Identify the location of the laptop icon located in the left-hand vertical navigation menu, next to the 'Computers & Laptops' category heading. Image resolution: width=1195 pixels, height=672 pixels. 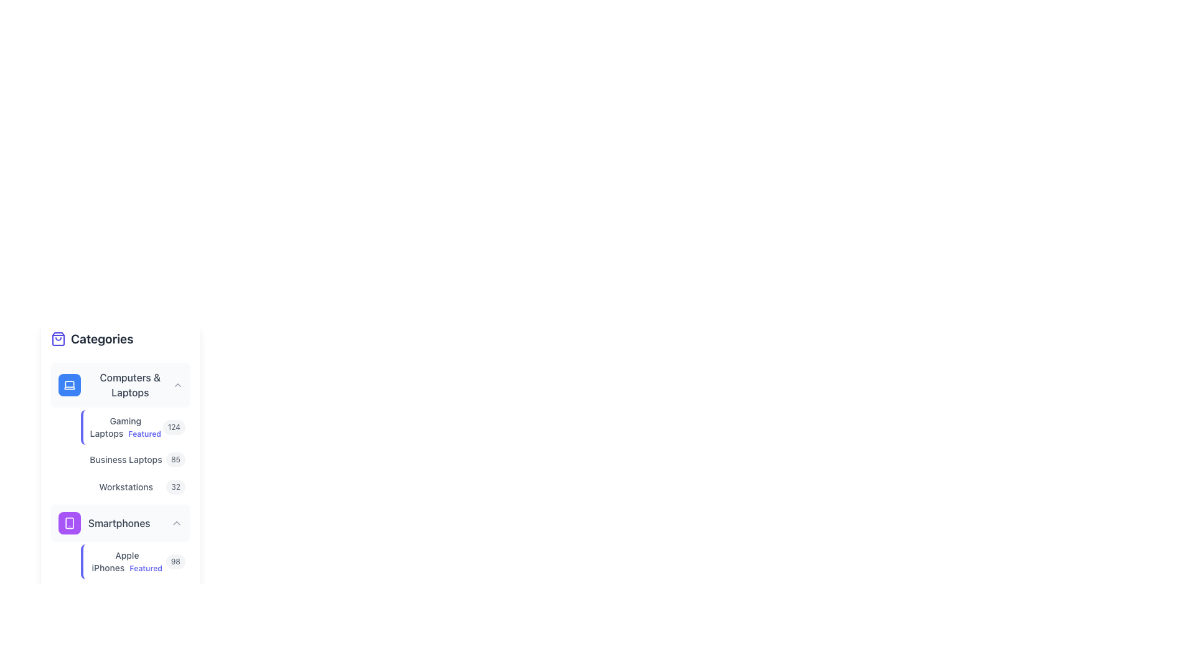
(68, 384).